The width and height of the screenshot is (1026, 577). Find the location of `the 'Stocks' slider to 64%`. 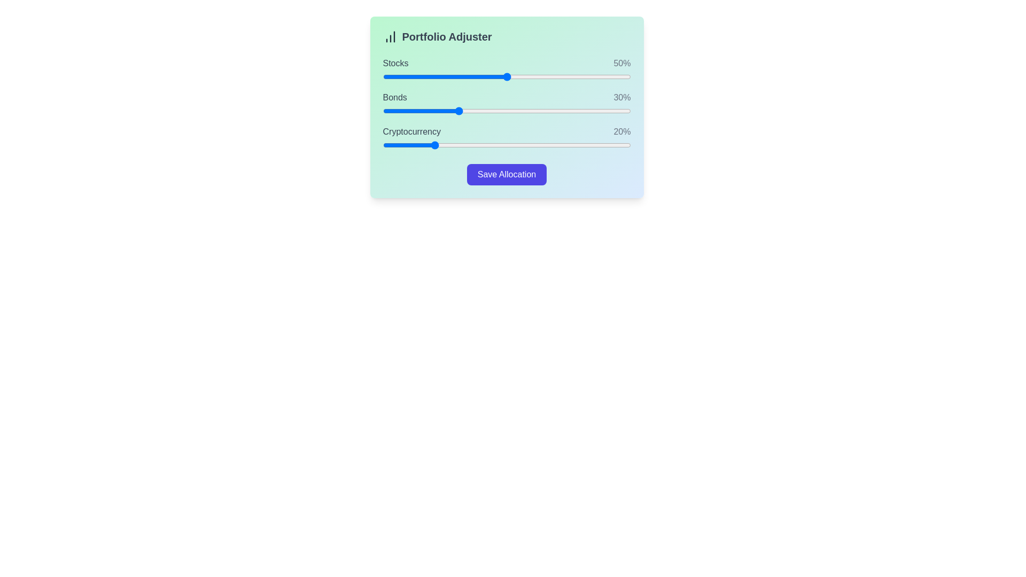

the 'Stocks' slider to 64% is located at coordinates (541, 76).